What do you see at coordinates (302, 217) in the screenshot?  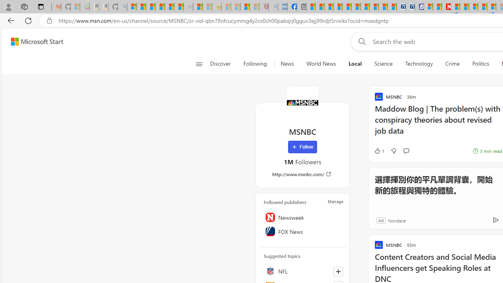 I see `'Newsweek'` at bounding box center [302, 217].